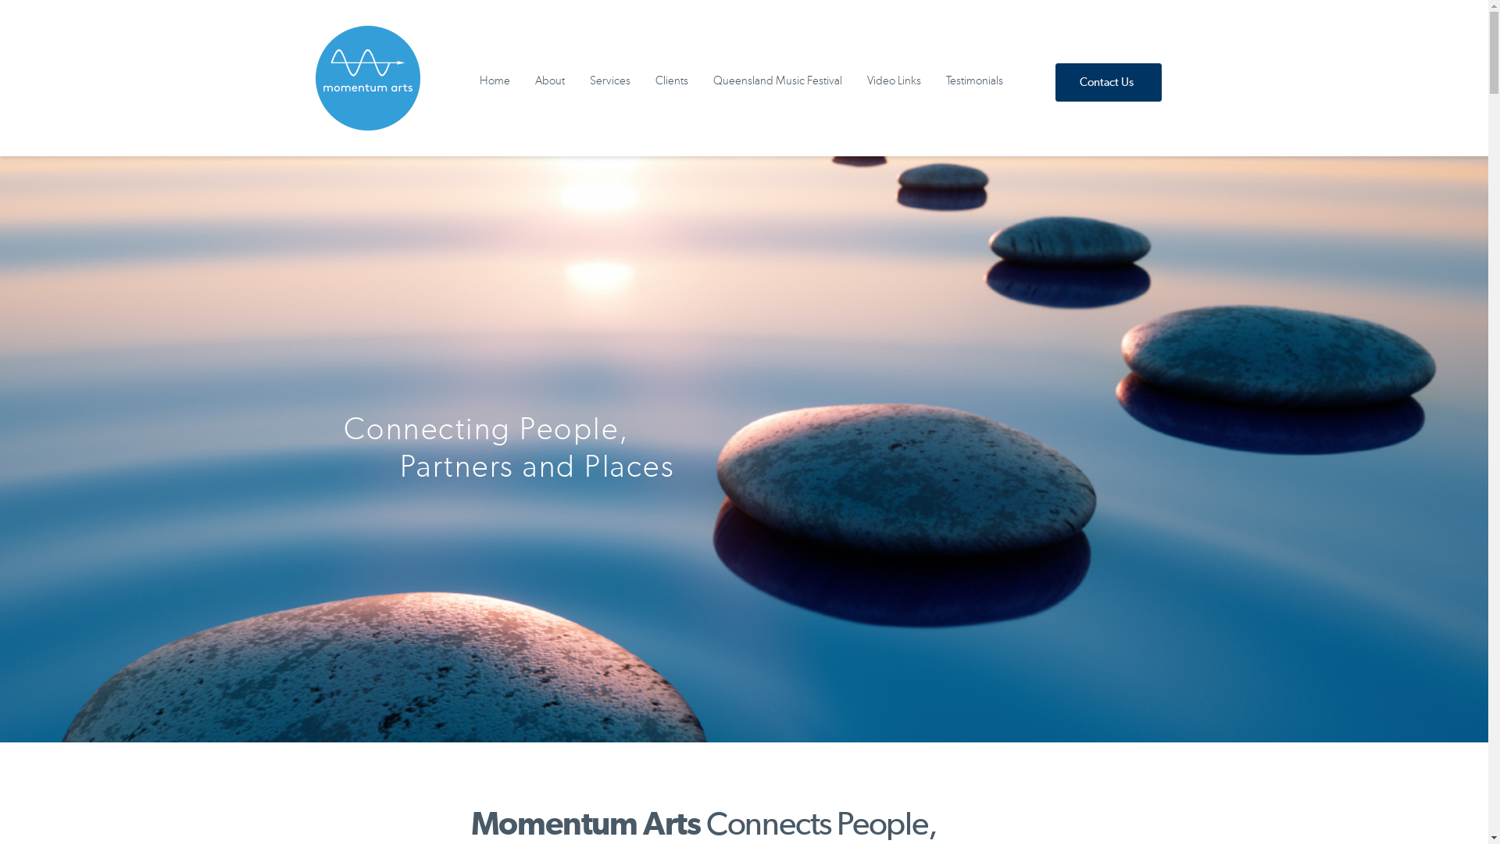 This screenshot has height=844, width=1500. Describe the element at coordinates (609, 81) in the screenshot. I see `'Services'` at that location.